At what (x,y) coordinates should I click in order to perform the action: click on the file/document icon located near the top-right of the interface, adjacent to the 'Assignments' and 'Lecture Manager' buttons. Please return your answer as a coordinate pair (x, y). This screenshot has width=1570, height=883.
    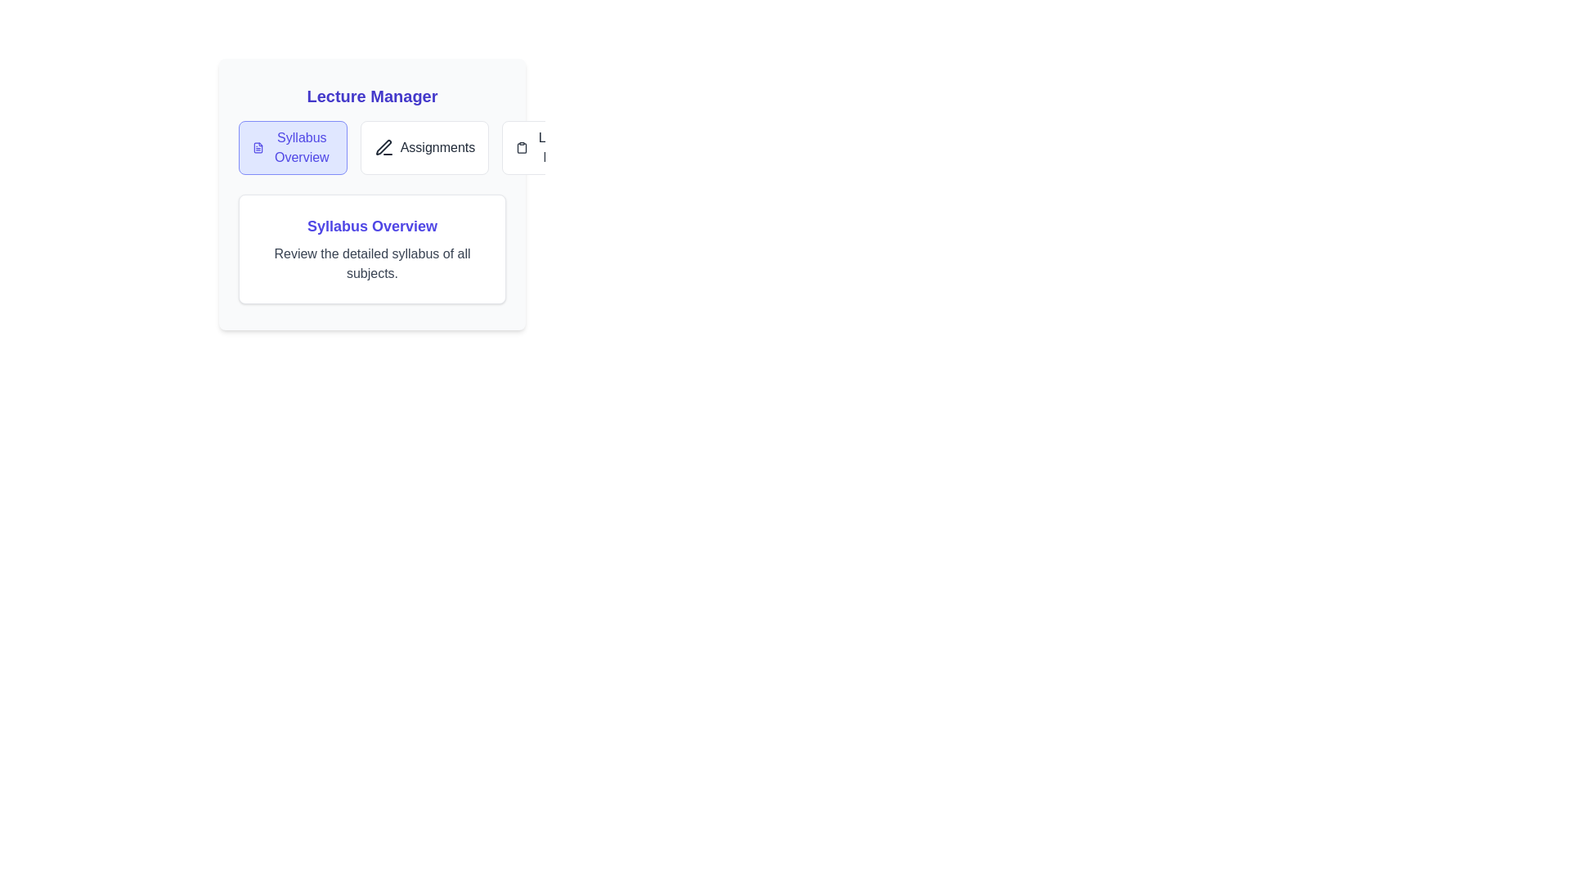
    Looking at the image, I should click on (258, 148).